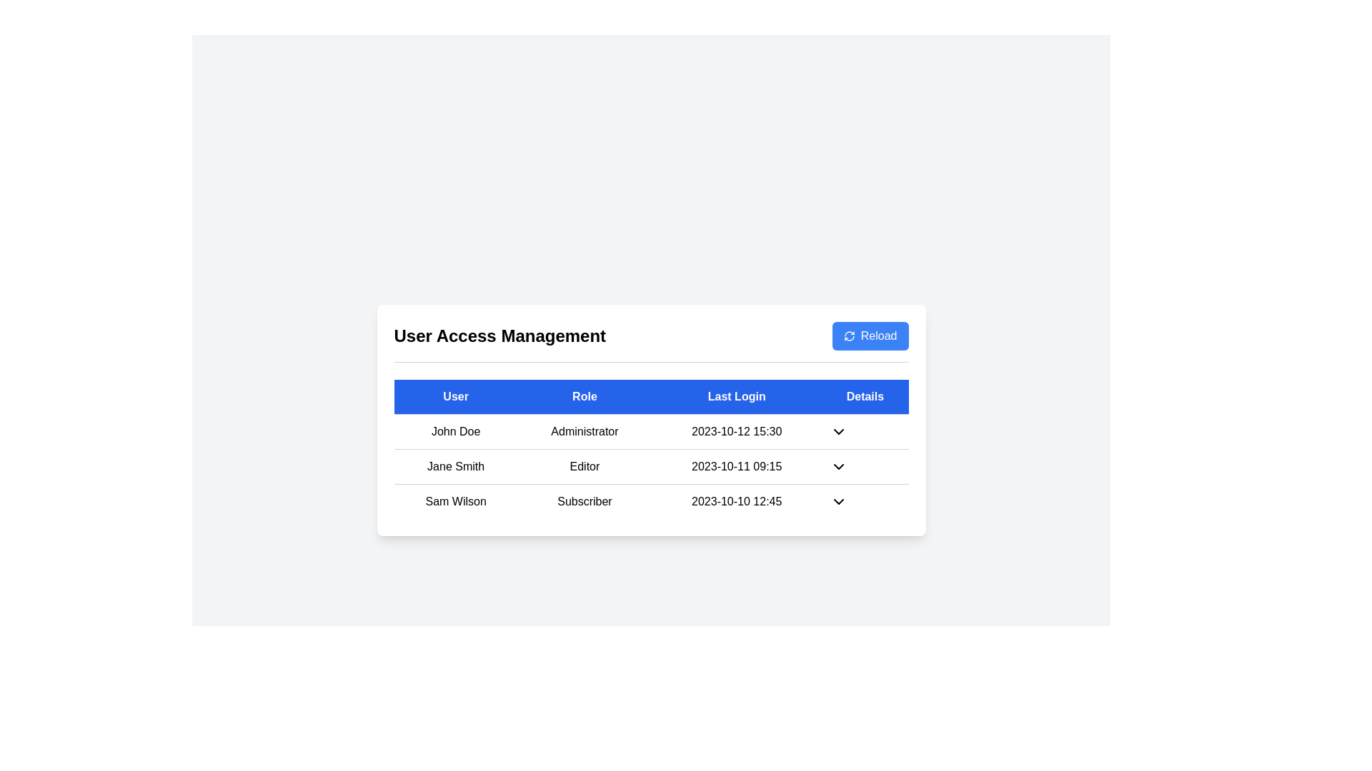 The height and width of the screenshot is (771, 1372). I want to click on the textual header labeled 'User Access Management', which is styled with large, bold, and dark text, located in the upper section of the interface, aligned to the left, so click(499, 336).